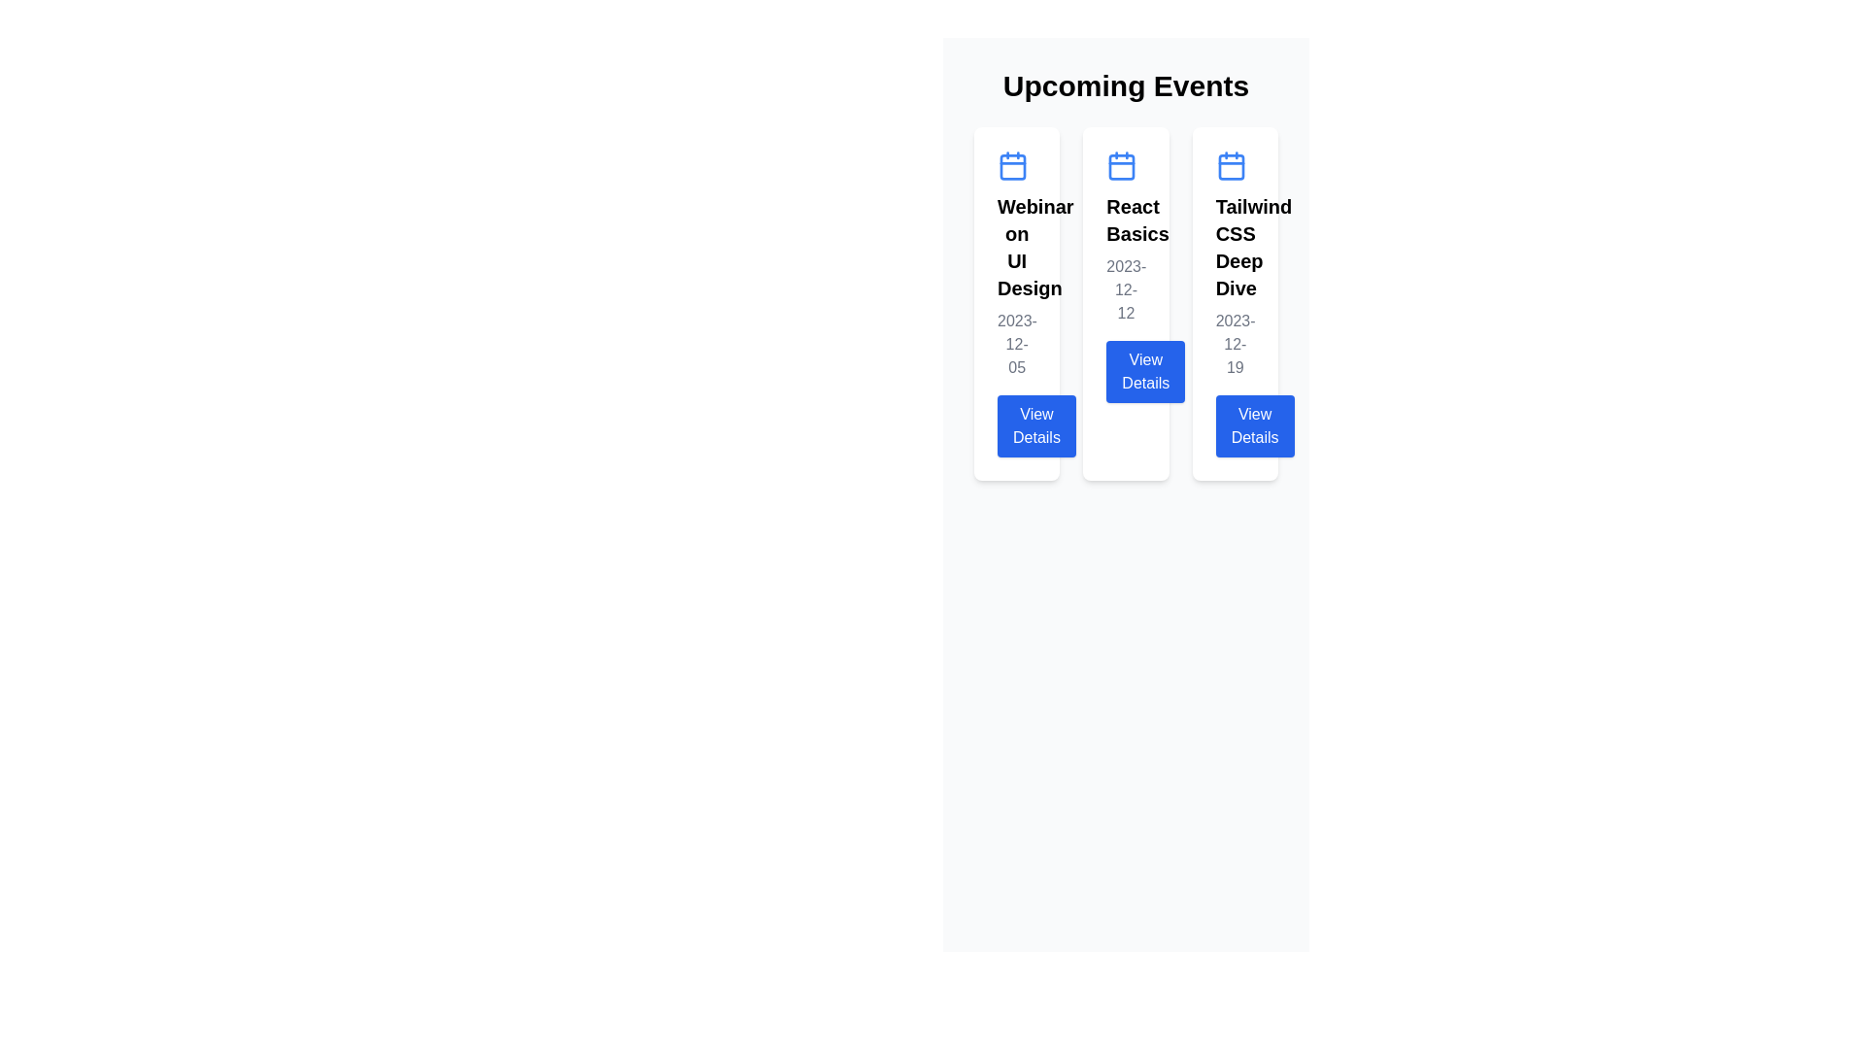 The width and height of the screenshot is (1865, 1049). Describe the element at coordinates (1230, 164) in the screenshot. I see `the blue calendar icon located at the top center of the event information card titled 'Tailwind CSS Deep Dive'` at that location.